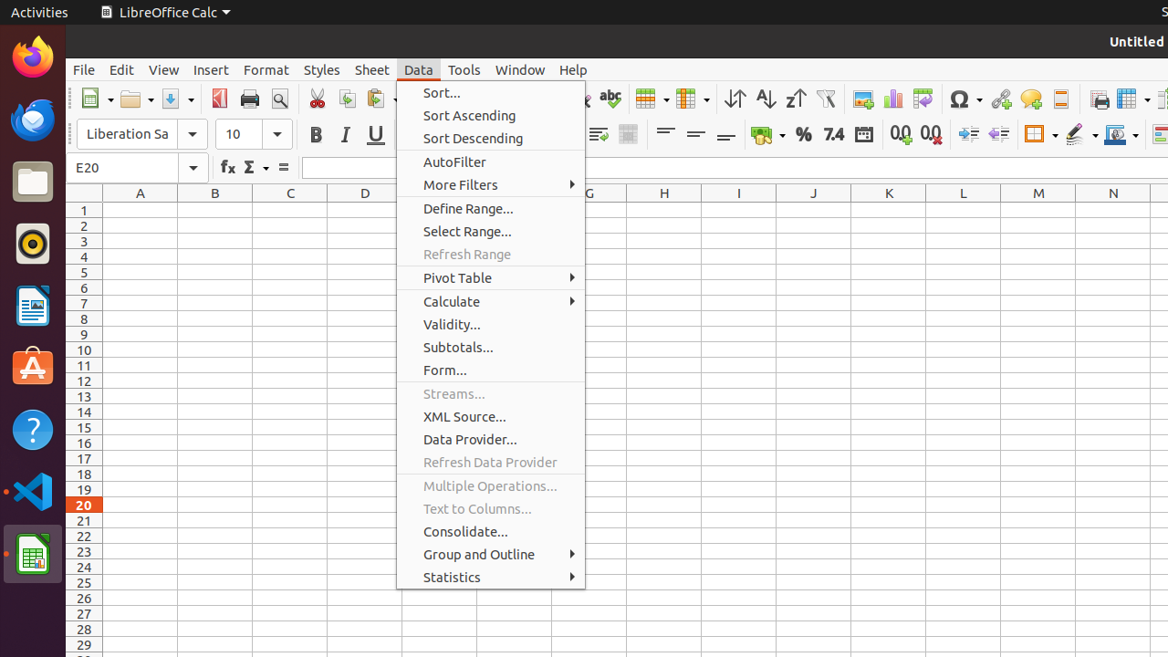 Image resolution: width=1168 pixels, height=657 pixels. What do you see at coordinates (211, 68) in the screenshot?
I see `'Insert'` at bounding box center [211, 68].